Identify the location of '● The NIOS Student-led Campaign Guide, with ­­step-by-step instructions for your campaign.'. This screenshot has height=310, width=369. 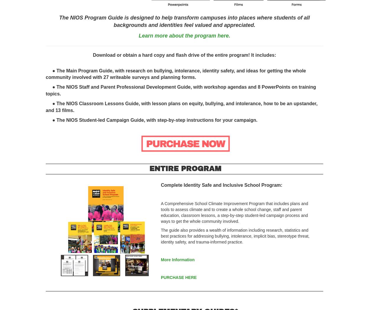
(151, 119).